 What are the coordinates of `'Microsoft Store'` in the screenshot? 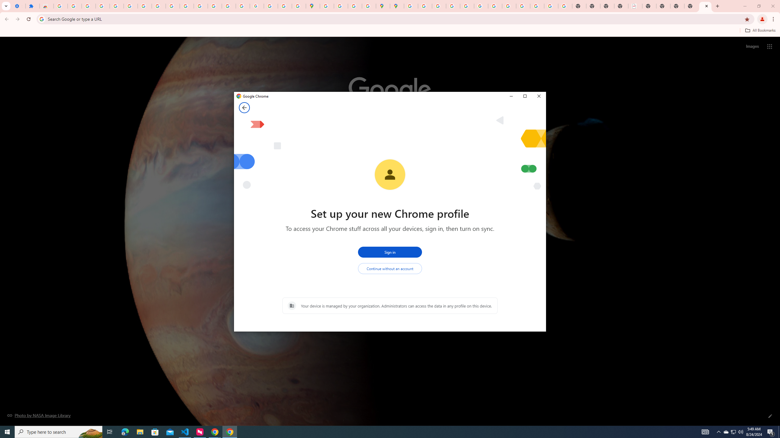 It's located at (155, 431).